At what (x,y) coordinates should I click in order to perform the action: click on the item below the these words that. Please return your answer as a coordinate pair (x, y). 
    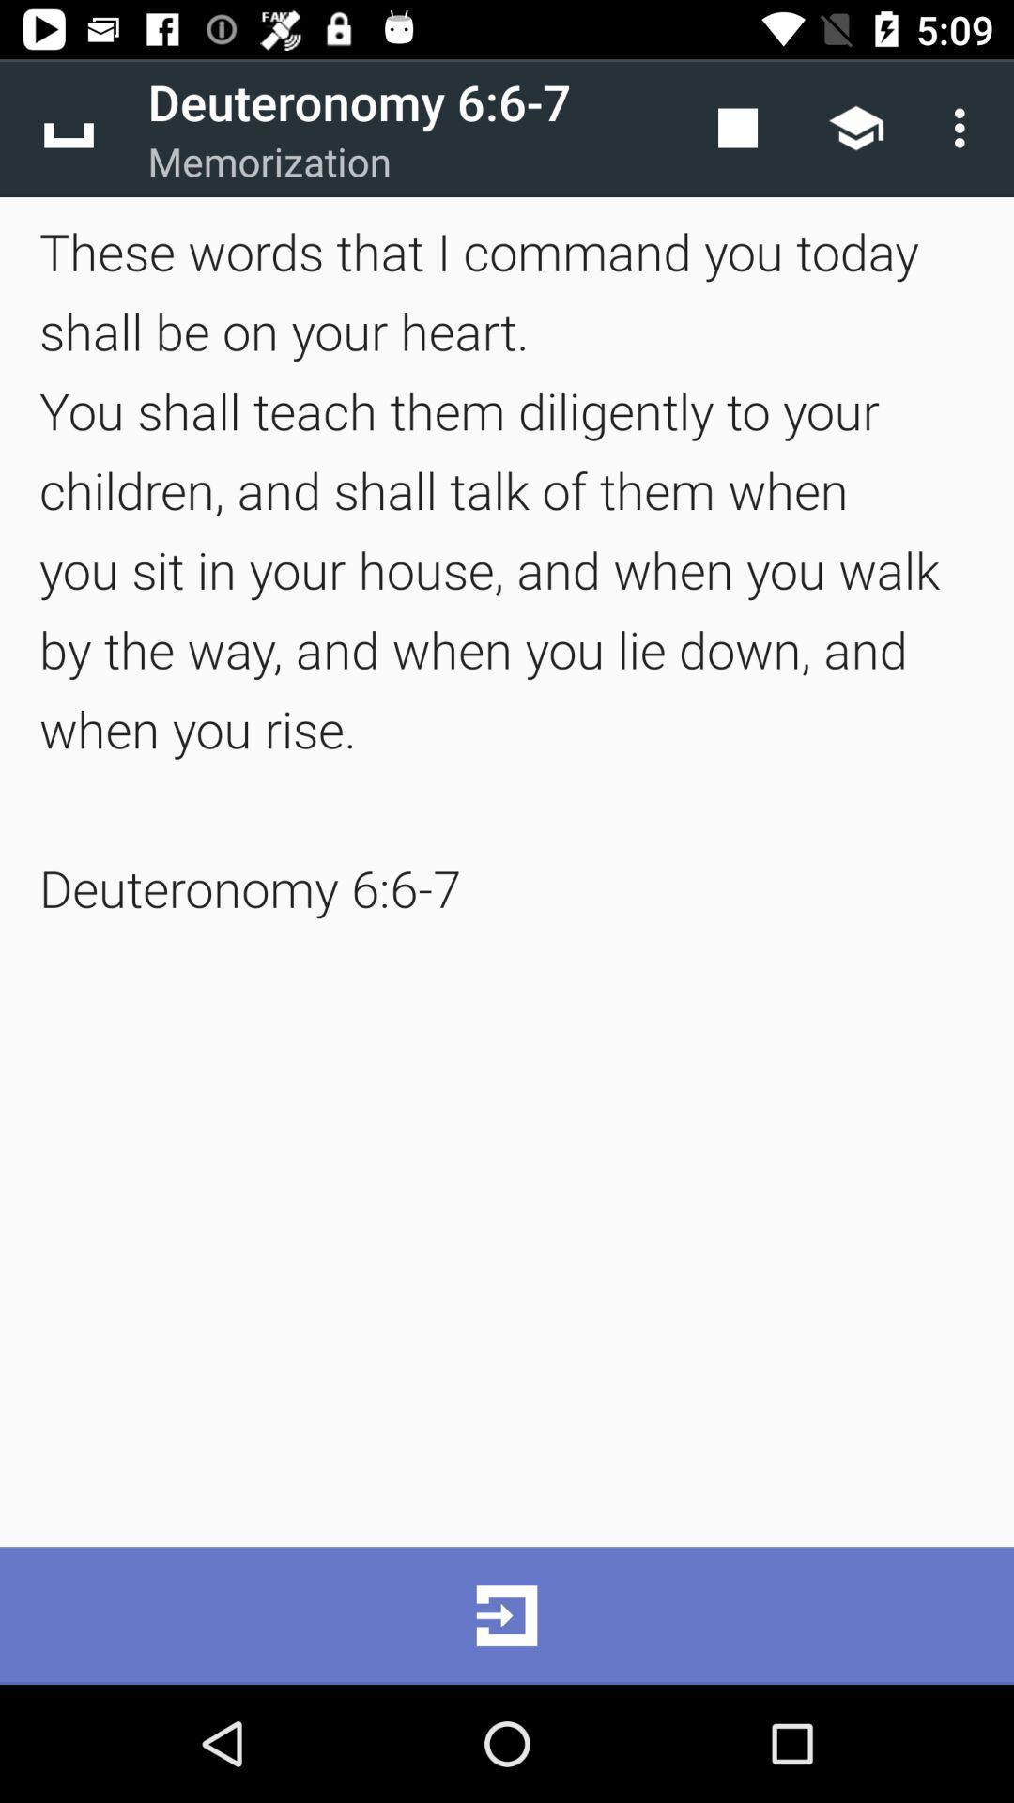
    Looking at the image, I should click on (507, 1614).